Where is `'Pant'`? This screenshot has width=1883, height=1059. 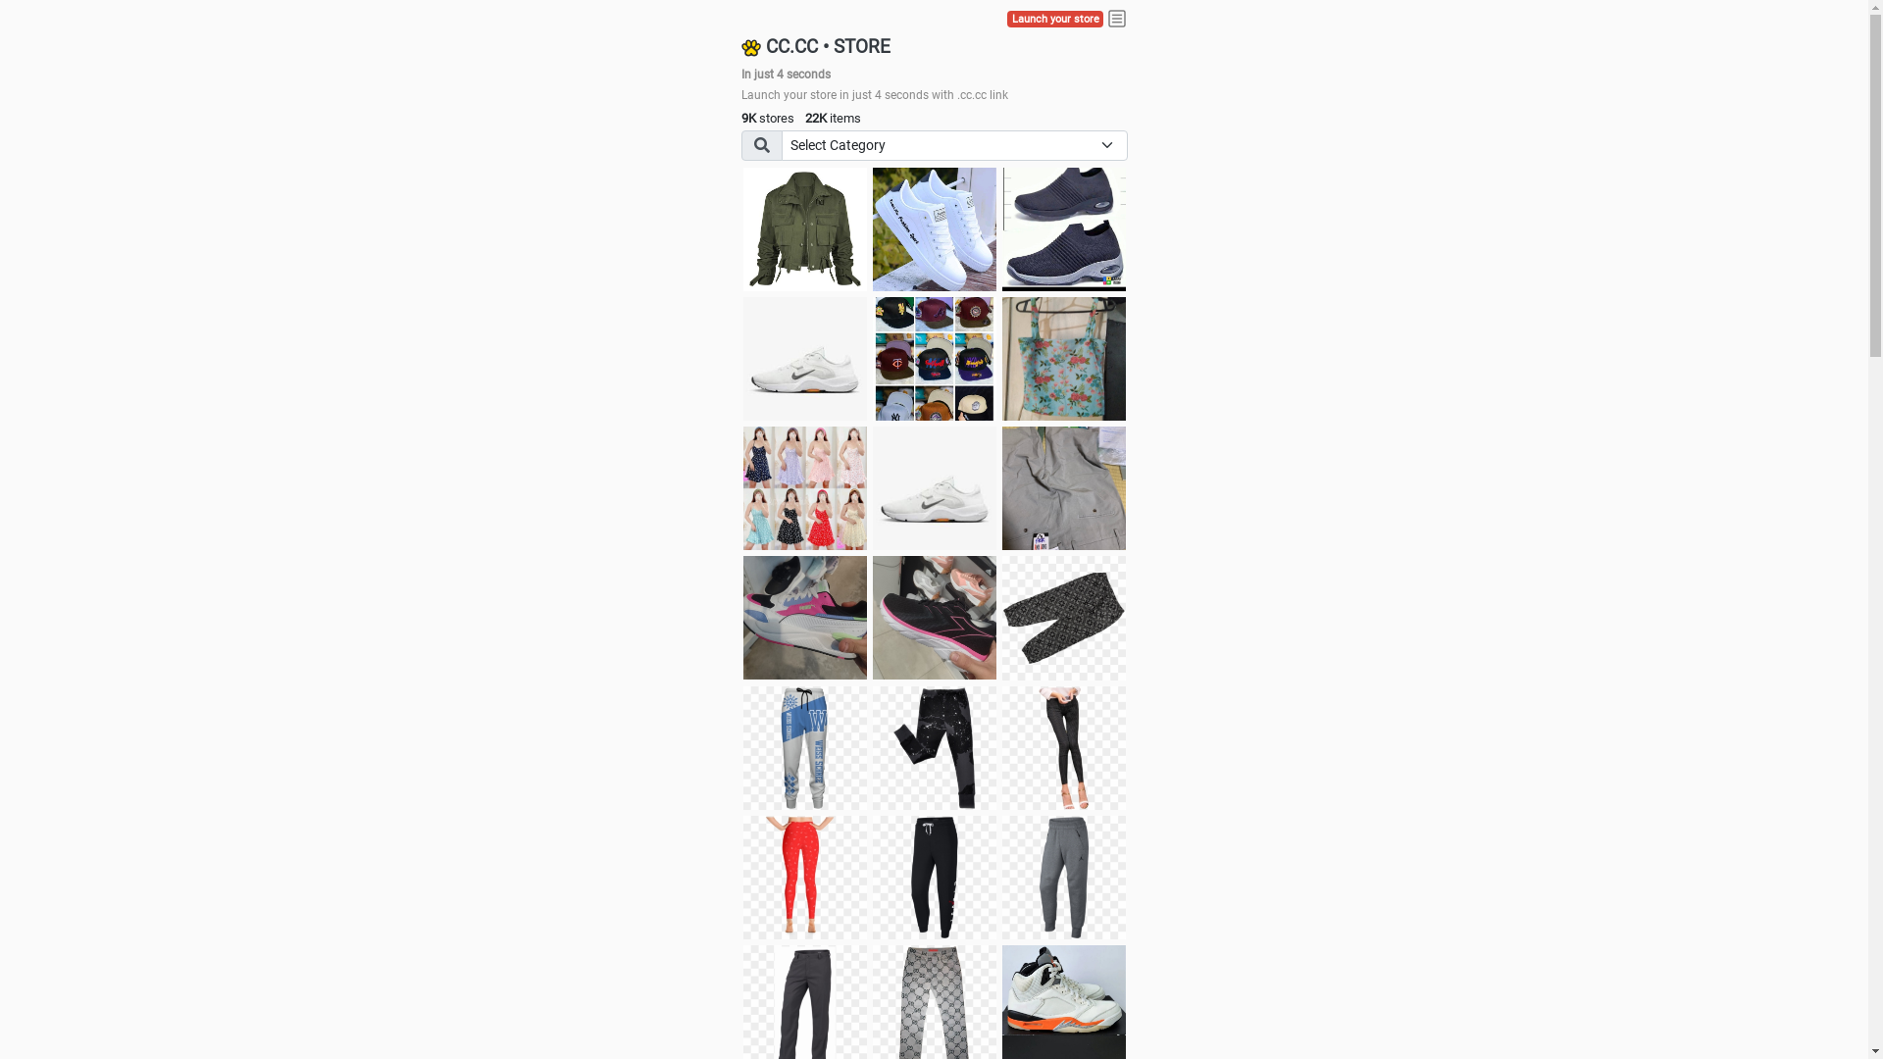 'Pant' is located at coordinates (871, 876).